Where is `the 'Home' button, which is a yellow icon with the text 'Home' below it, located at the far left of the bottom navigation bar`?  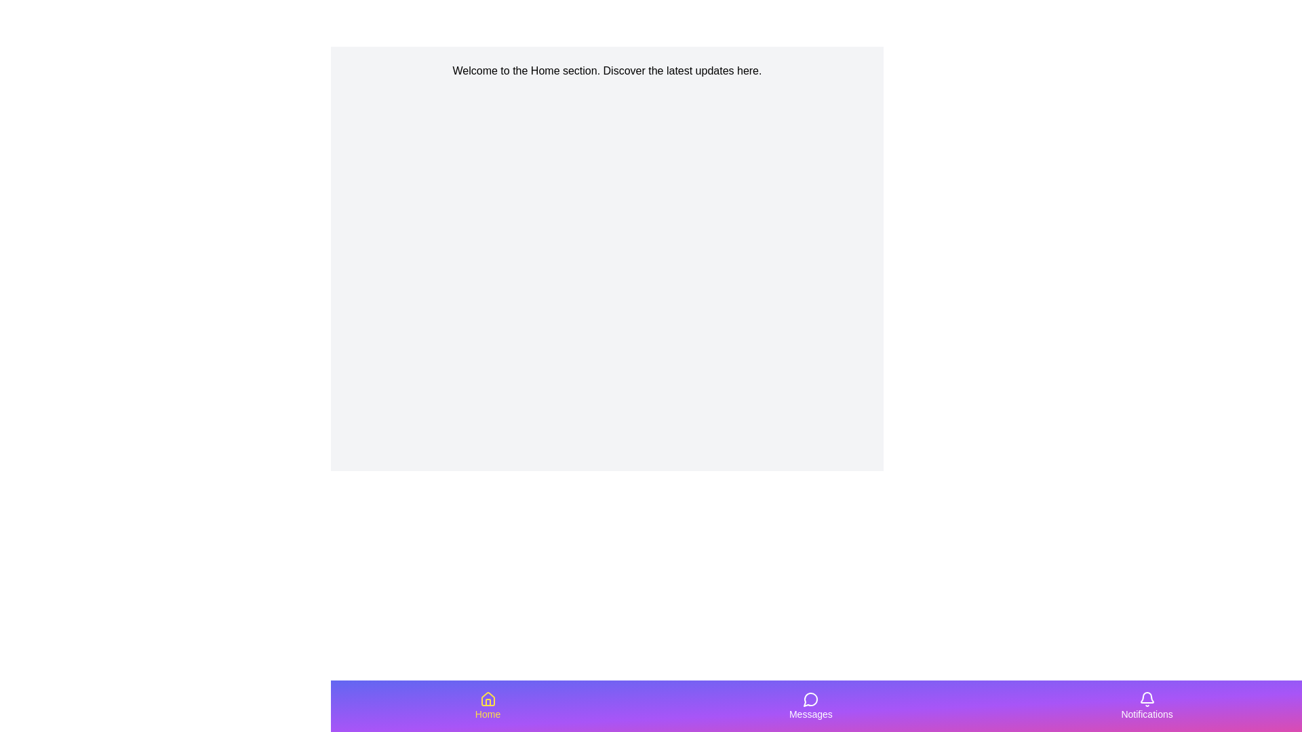
the 'Home' button, which is a yellow icon with the text 'Home' below it, located at the far left of the bottom navigation bar is located at coordinates (488, 705).